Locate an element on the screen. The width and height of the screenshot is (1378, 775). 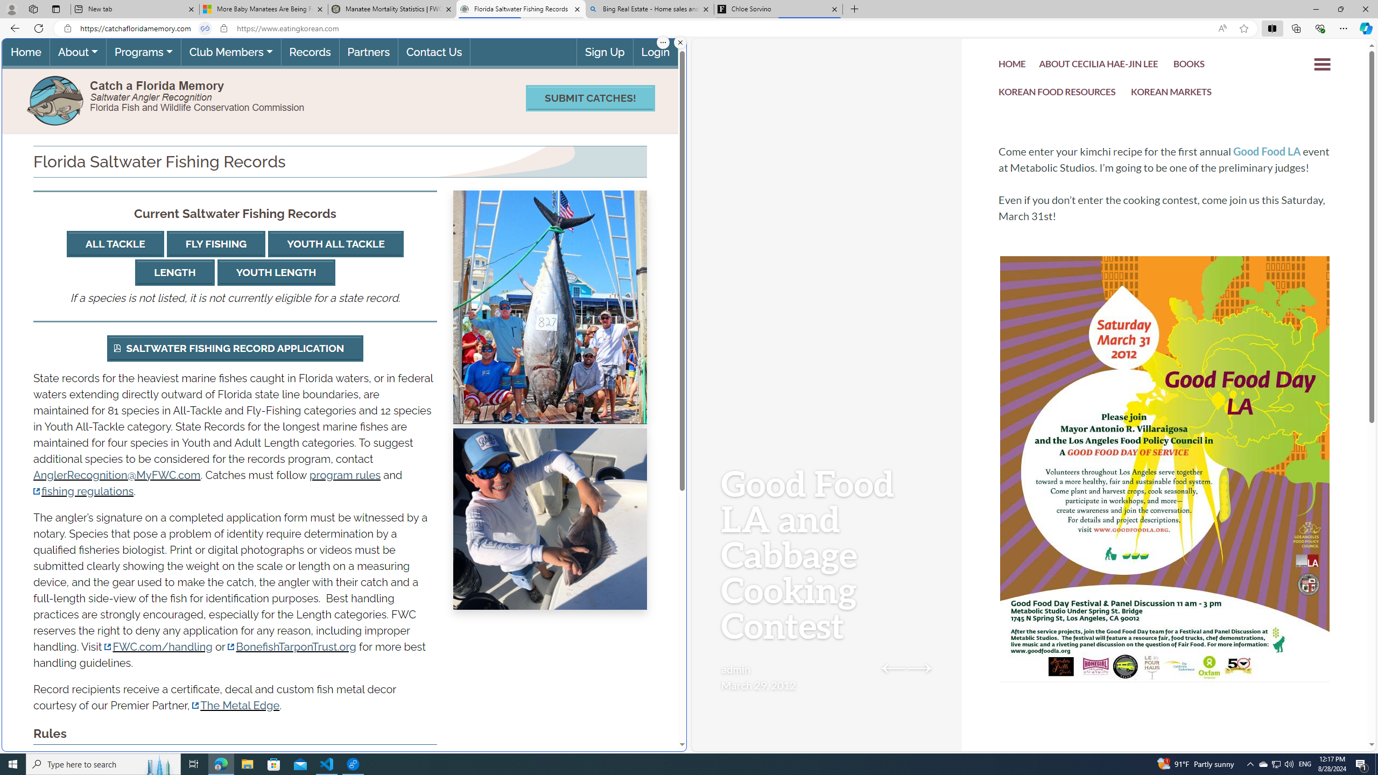
'Records' is located at coordinates (310, 52).